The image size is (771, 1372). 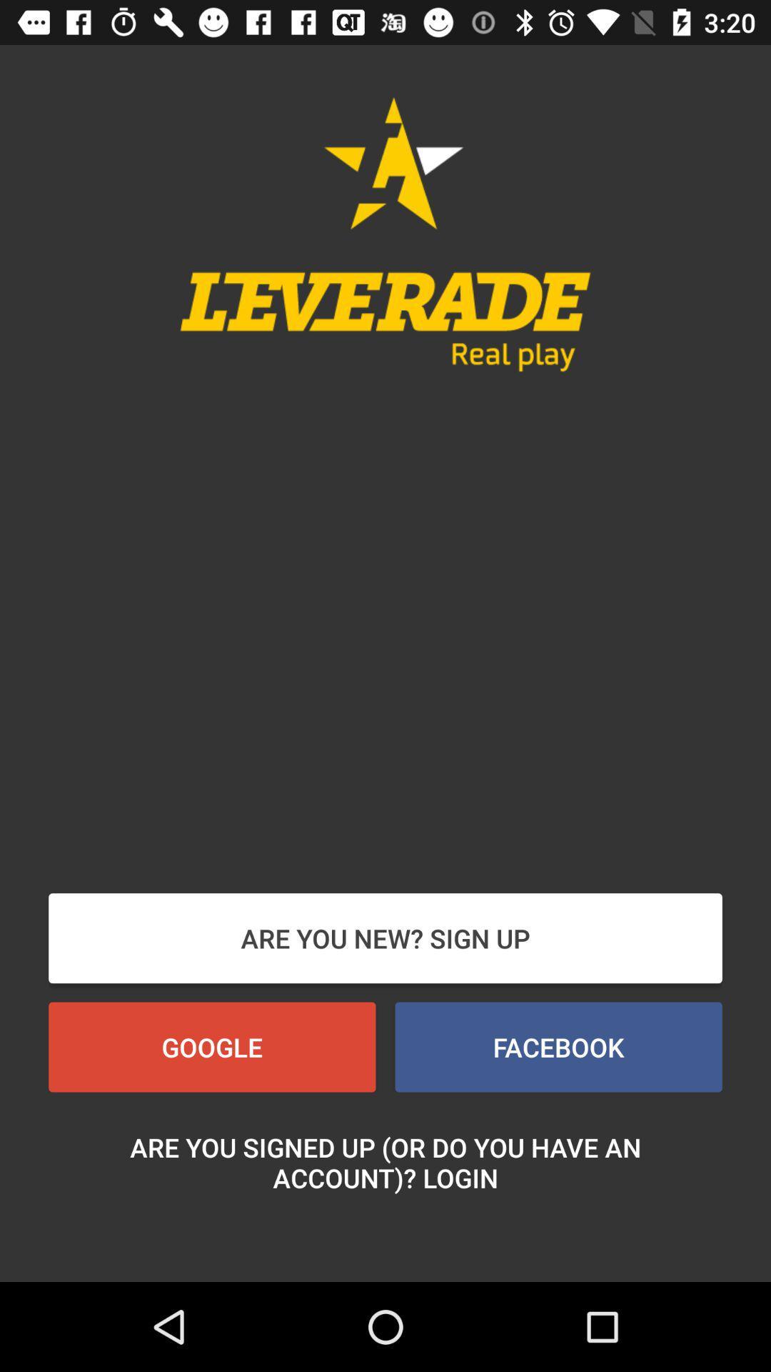 I want to click on the button at the bottom left corner, so click(x=212, y=1047).